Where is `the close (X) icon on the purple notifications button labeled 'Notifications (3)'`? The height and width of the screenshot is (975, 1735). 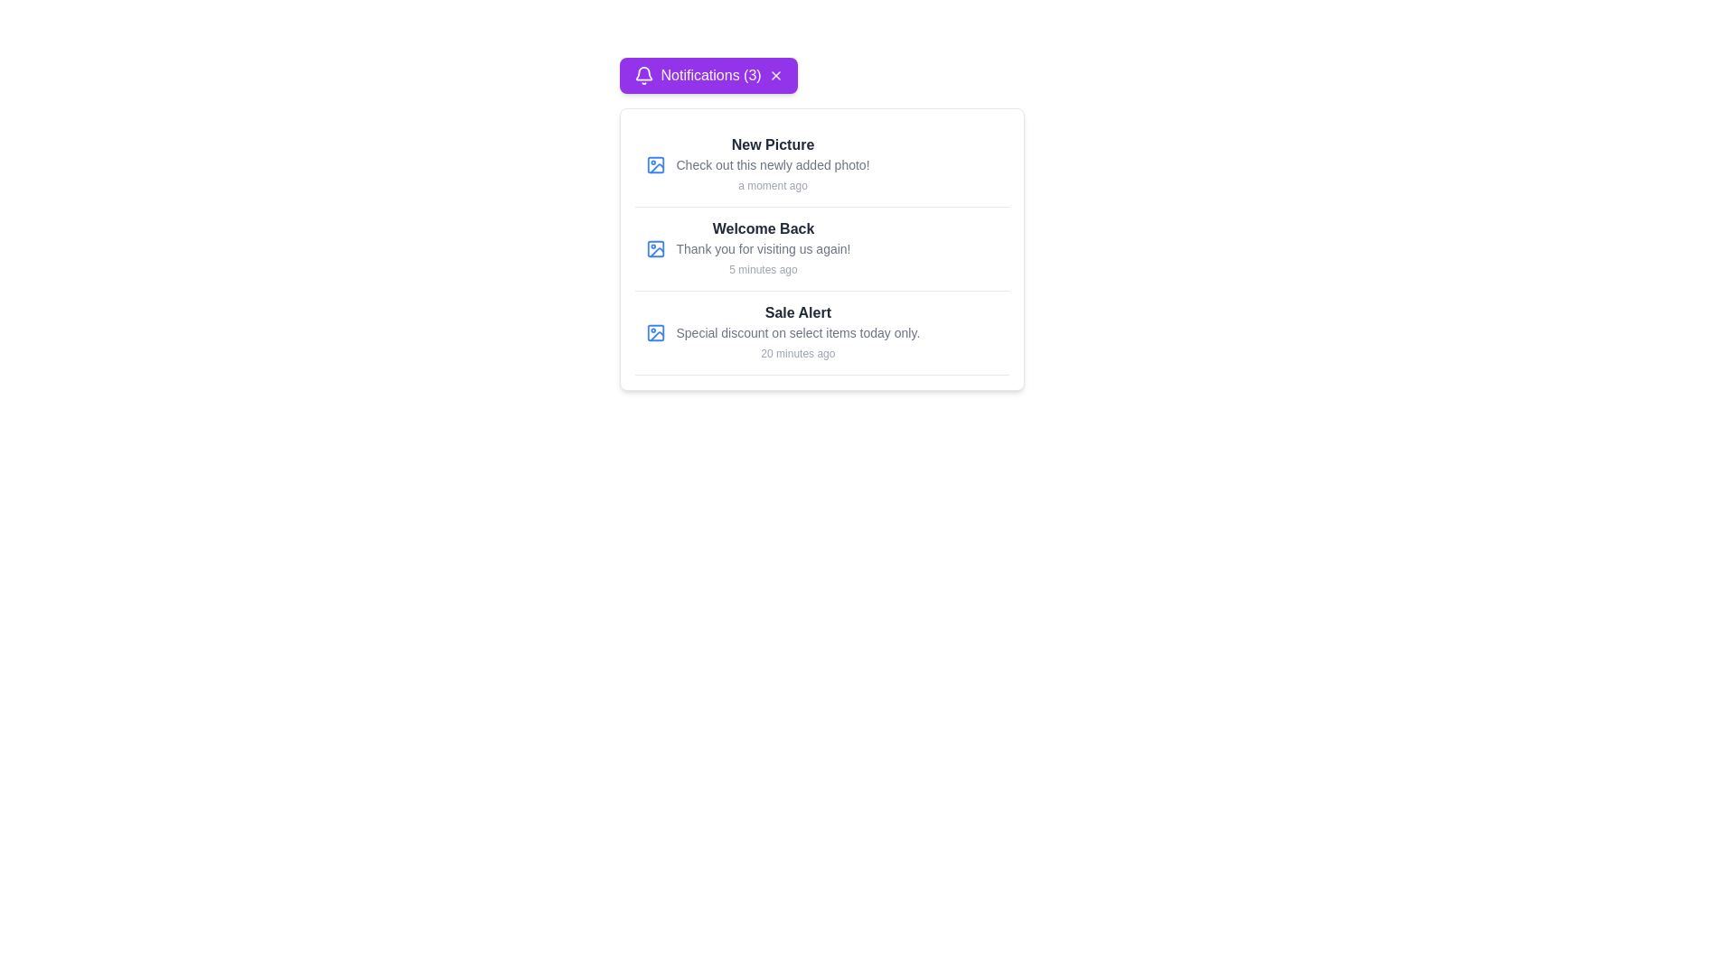
the close (X) icon on the purple notifications button labeled 'Notifications (3)' is located at coordinates (707, 75).